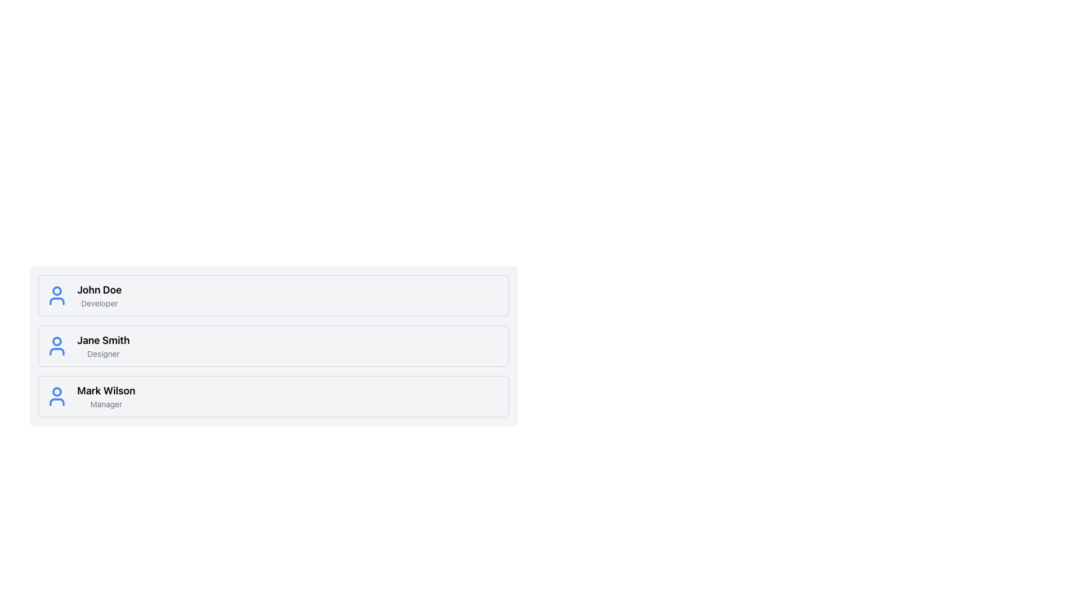 The width and height of the screenshot is (1075, 605). Describe the element at coordinates (274, 295) in the screenshot. I see `the card containing user information for 'John Doe'` at that location.